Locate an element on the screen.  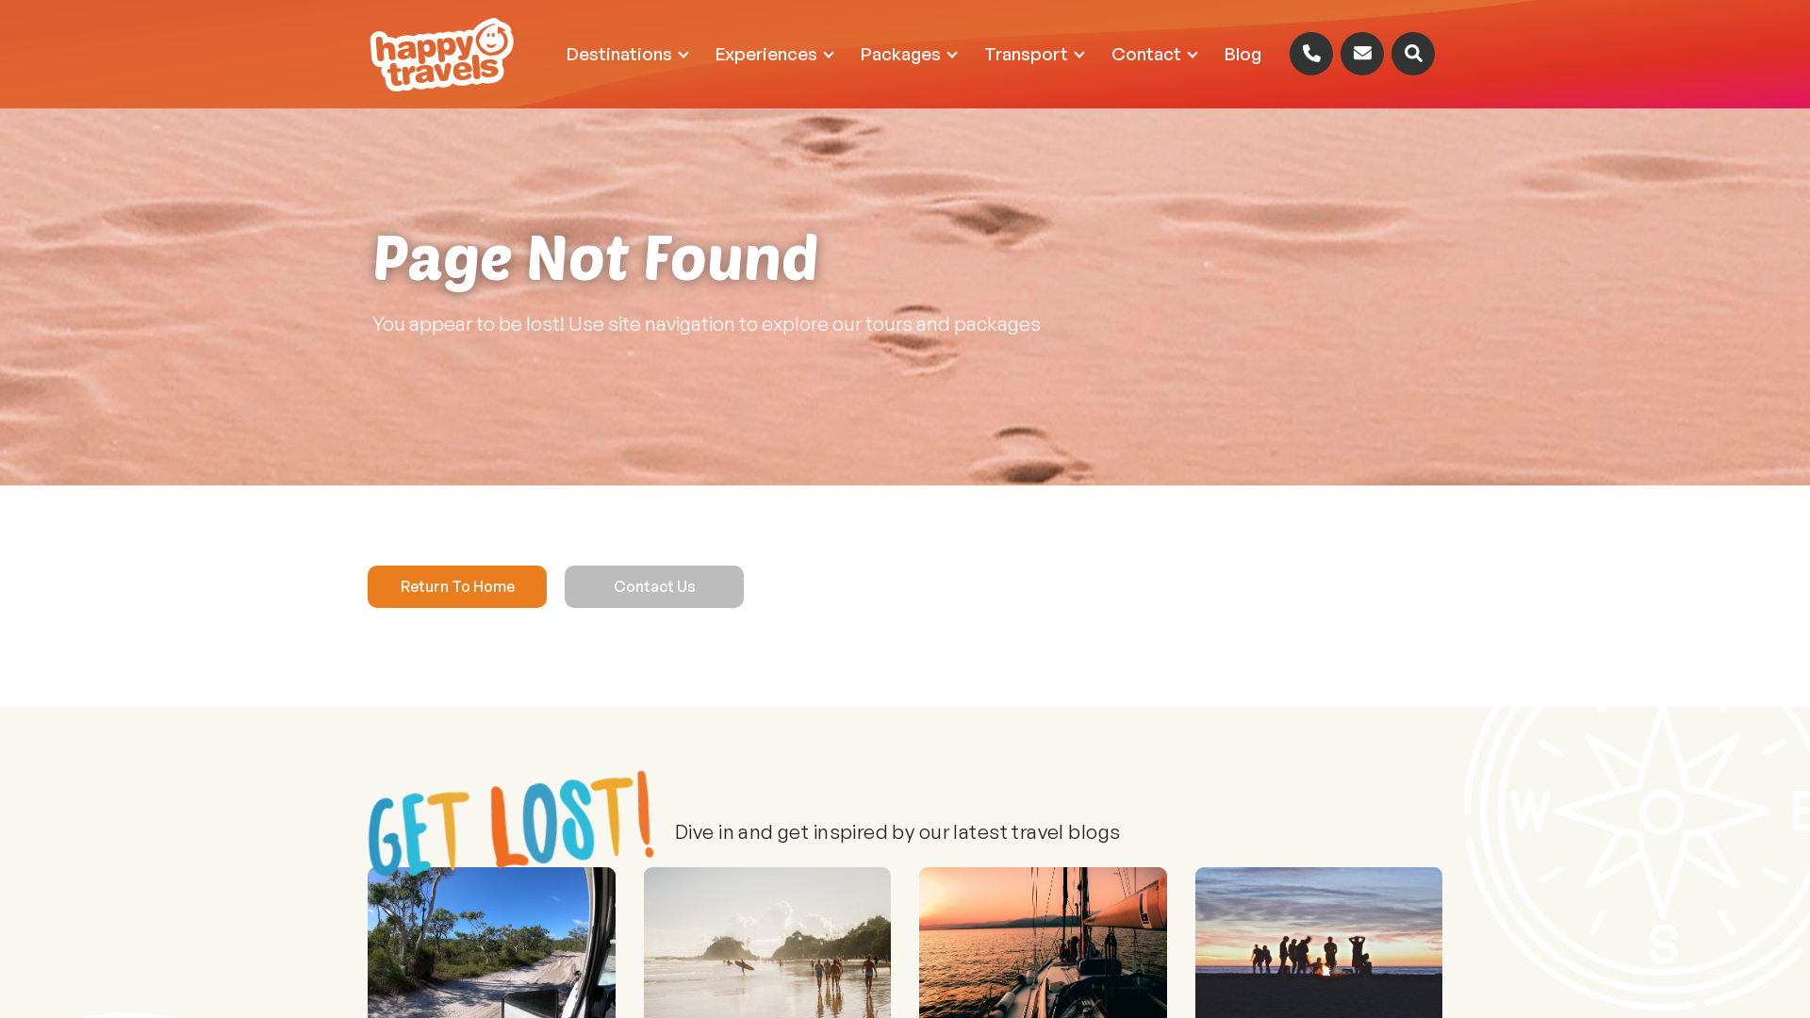
'Packages' is located at coordinates (908, 53).